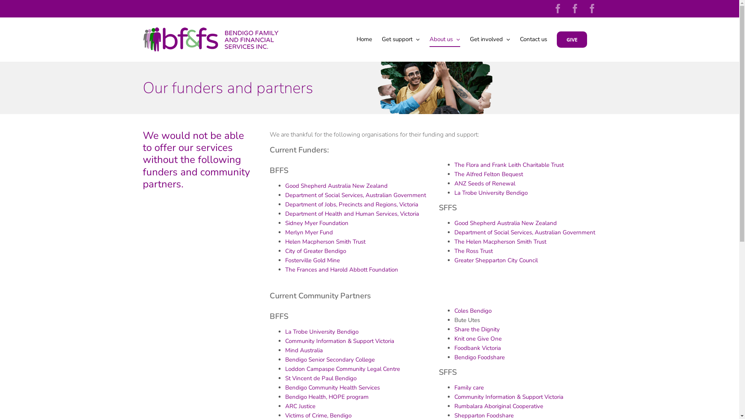 This screenshot has width=745, height=419. Describe the element at coordinates (469, 388) in the screenshot. I see `'Family care'` at that location.